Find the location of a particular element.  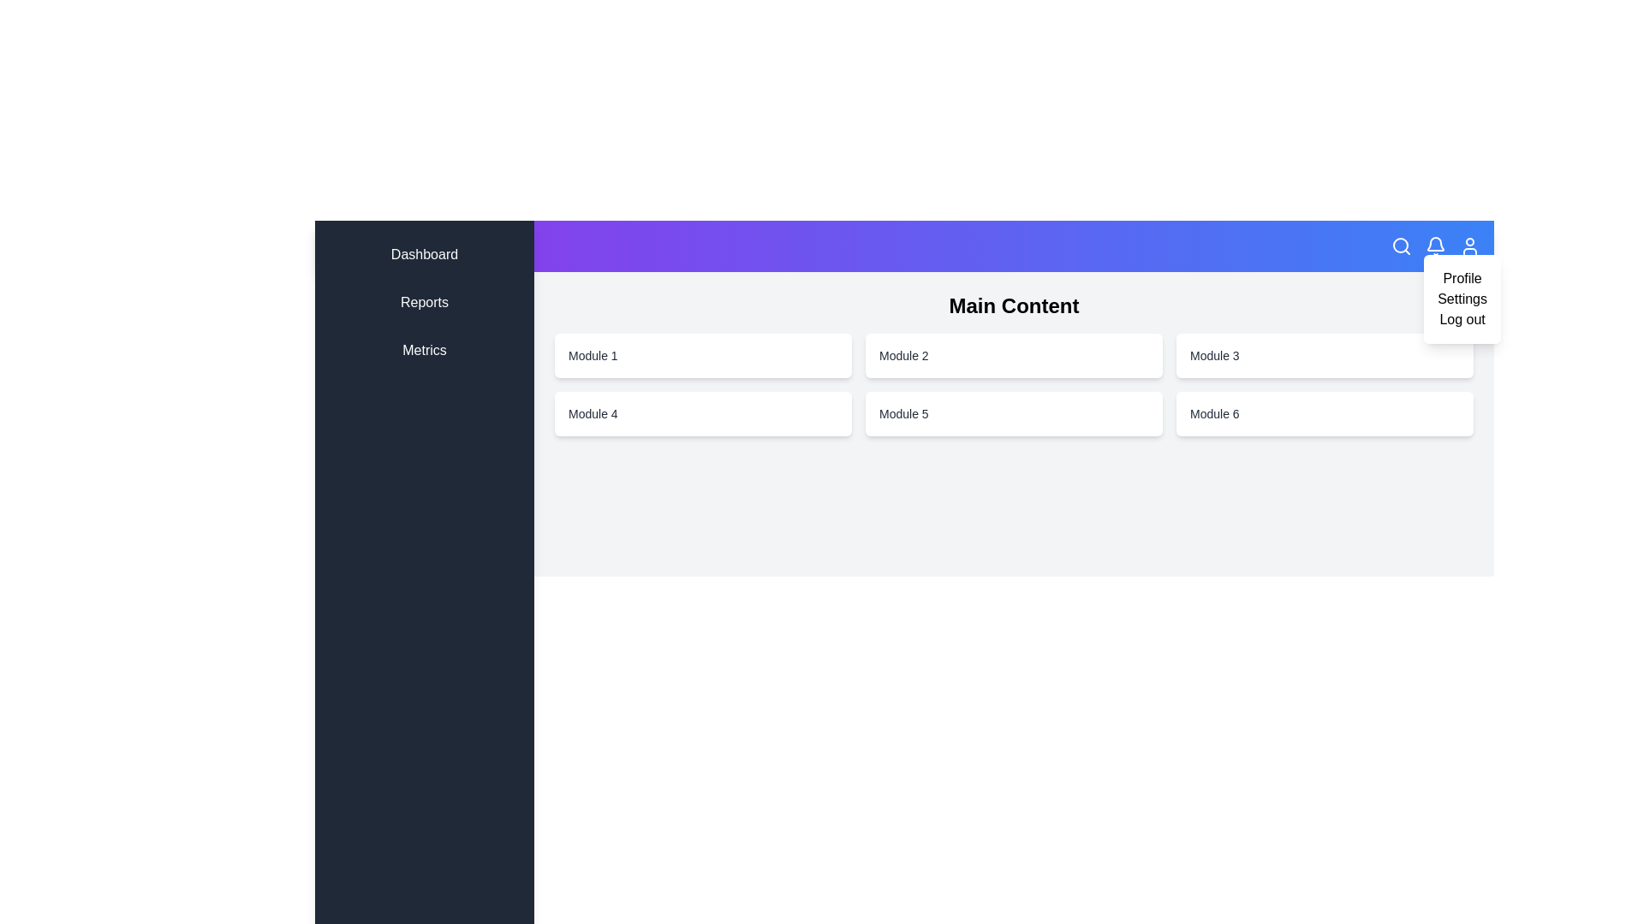

the button for 'Module 2' is located at coordinates (1014, 355).